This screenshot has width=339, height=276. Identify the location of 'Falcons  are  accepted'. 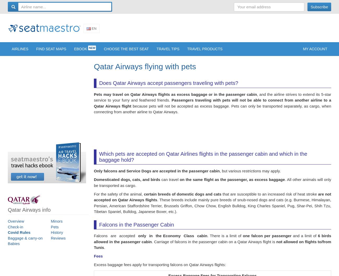
(116, 239).